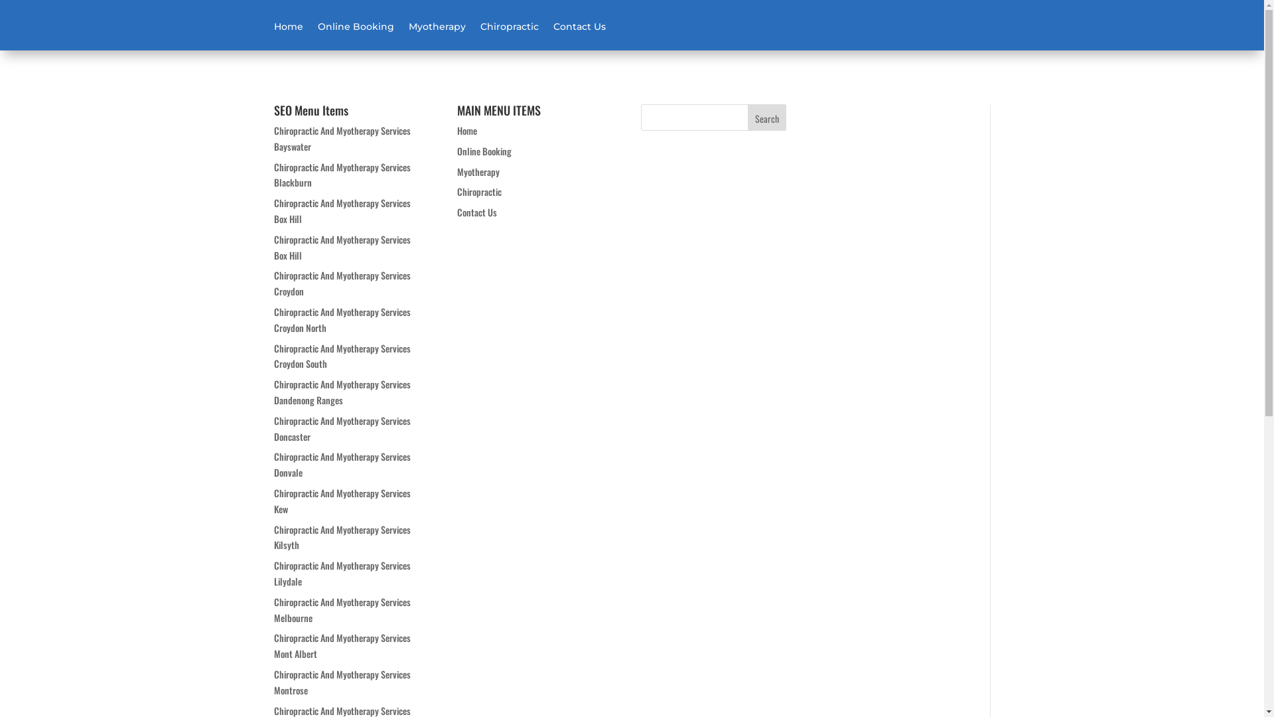 Image resolution: width=1274 pixels, height=717 pixels. I want to click on 'Home', so click(287, 35).